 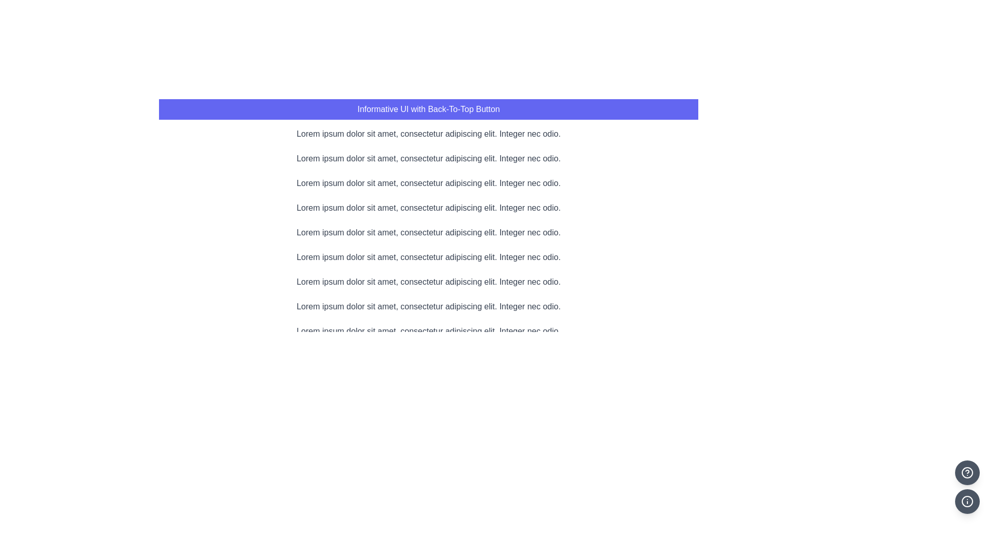 I want to click on the circular help button with a question mark located at the bottom-right corner of the interface, so click(x=967, y=473).